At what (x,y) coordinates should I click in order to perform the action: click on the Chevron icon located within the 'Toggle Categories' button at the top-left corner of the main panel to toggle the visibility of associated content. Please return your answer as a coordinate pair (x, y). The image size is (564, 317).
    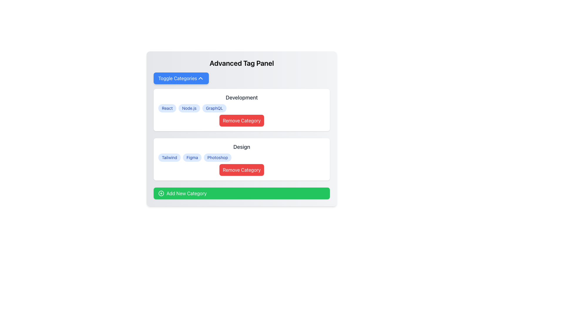
    Looking at the image, I should click on (200, 78).